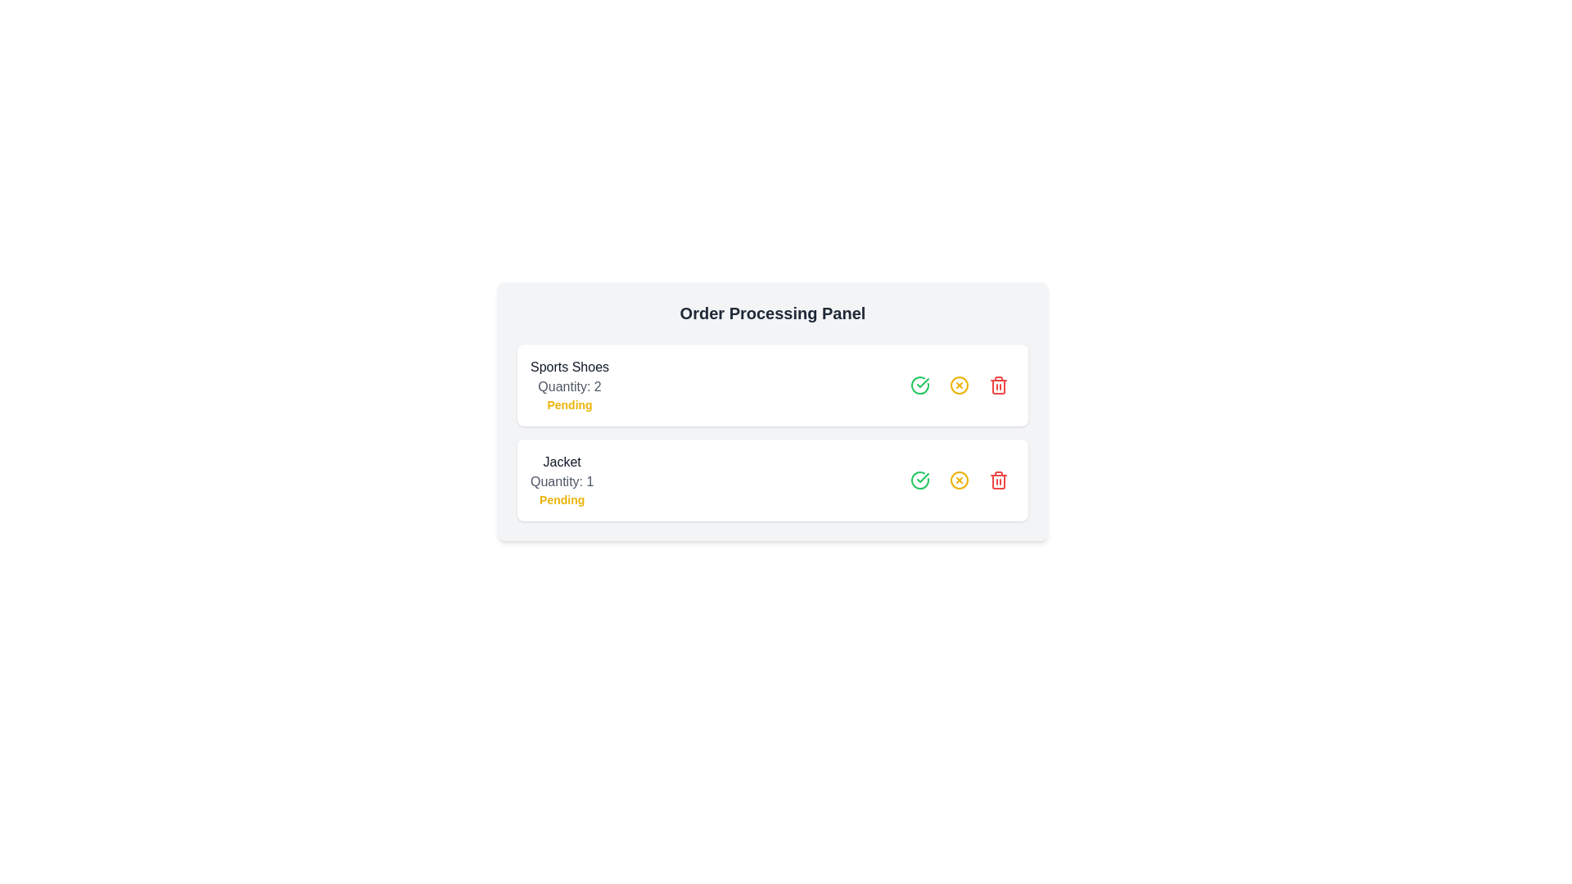 This screenshot has height=884, width=1572. I want to click on the delete icon button located on the right side of the second row, next to two circular icons, so click(997, 479).